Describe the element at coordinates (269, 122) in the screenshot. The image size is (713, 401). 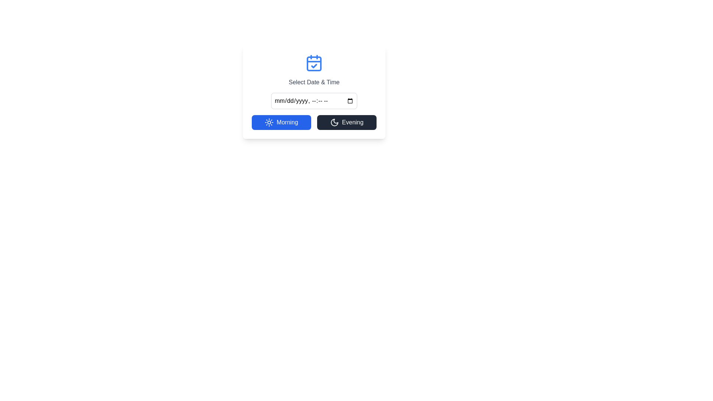
I see `the sun icon located within the blue 'Morning' button at the bottom left of the date and time selection card` at that location.